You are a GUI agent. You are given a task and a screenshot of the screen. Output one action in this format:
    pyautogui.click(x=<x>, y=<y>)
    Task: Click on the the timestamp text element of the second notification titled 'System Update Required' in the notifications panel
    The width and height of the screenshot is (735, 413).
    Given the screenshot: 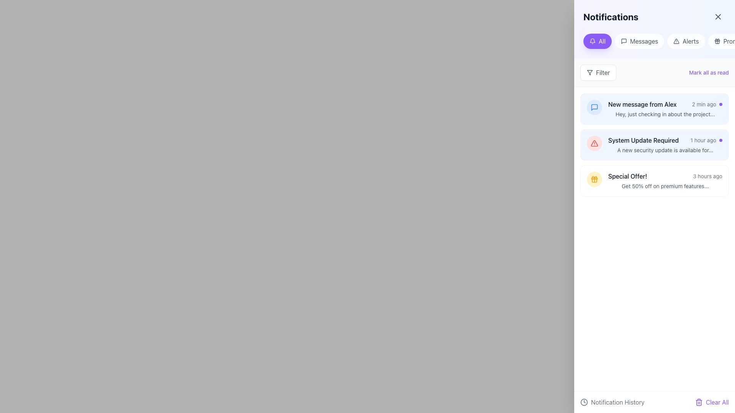 What is the action you would take?
    pyautogui.click(x=703, y=140)
    